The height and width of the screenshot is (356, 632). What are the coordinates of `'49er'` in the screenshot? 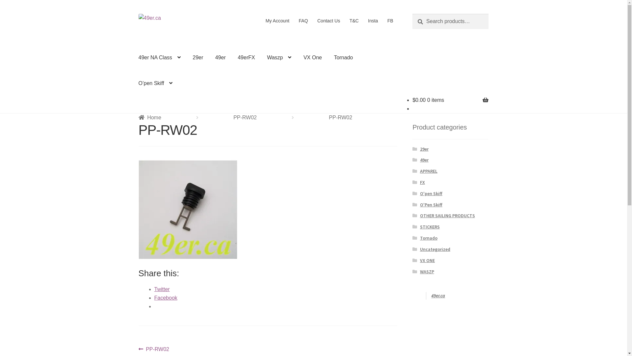 It's located at (210, 57).